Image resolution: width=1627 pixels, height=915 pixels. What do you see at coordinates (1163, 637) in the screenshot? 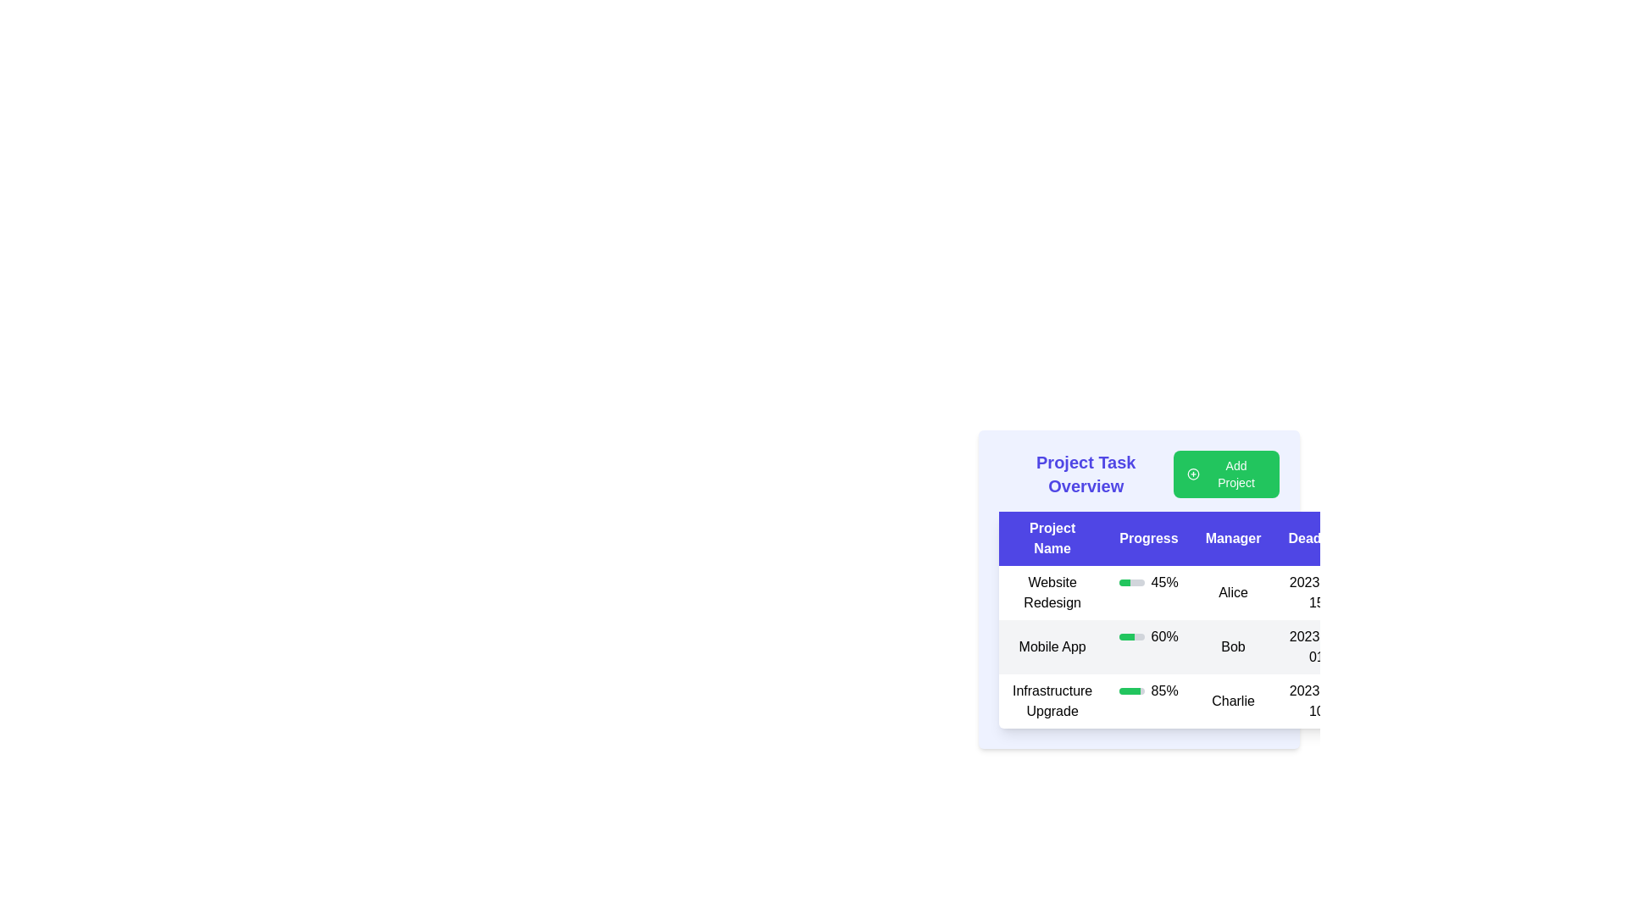
I see `the static text displaying '60%' in black font on a light gray background, located in the 'Progress' column of the second row in the 'Project Task Overview' section` at bounding box center [1163, 637].